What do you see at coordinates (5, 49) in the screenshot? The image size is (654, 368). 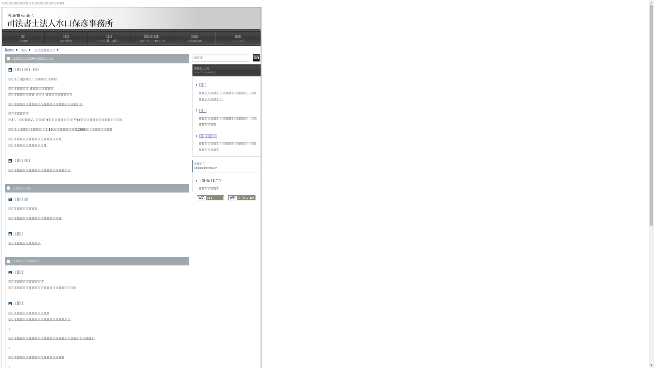 I see `'home'` at bounding box center [5, 49].